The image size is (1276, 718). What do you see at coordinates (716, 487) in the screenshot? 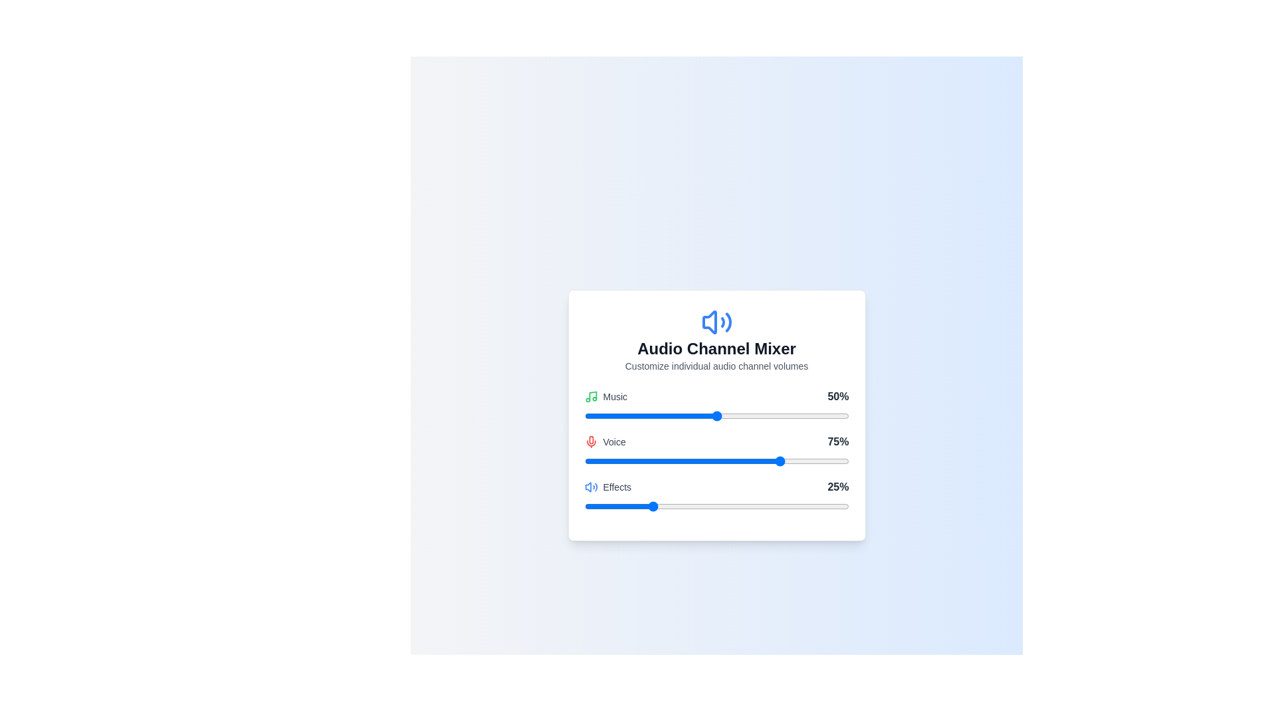
I see `'Effects' text label with a blue volume icon, which displays the percentage value '25%' and is positioned below the 'Voice' control and above the 'Effects' volume slider` at bounding box center [716, 487].